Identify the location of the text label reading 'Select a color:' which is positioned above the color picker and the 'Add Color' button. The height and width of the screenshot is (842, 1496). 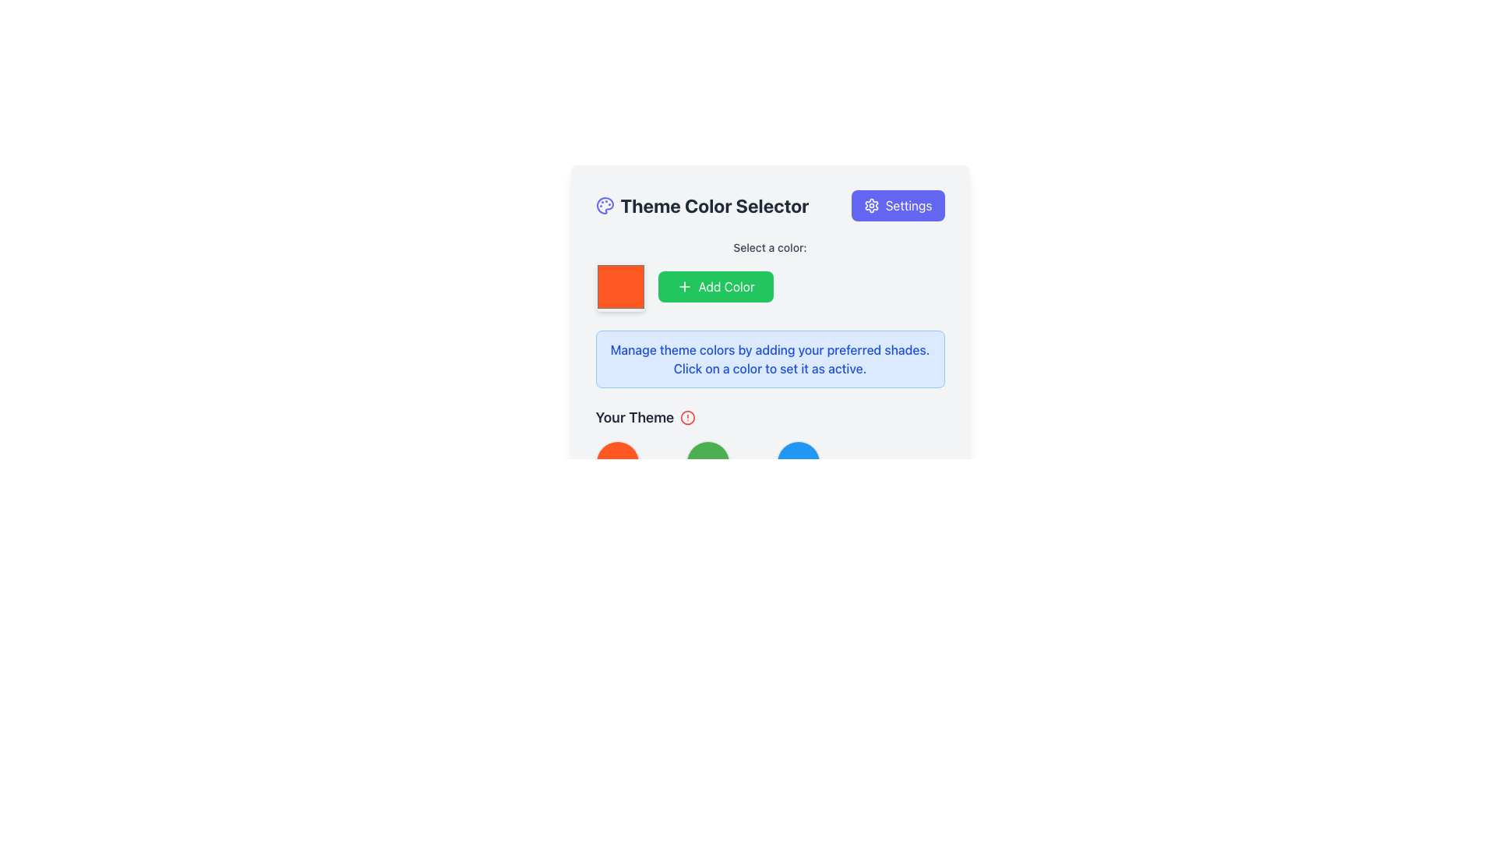
(770, 246).